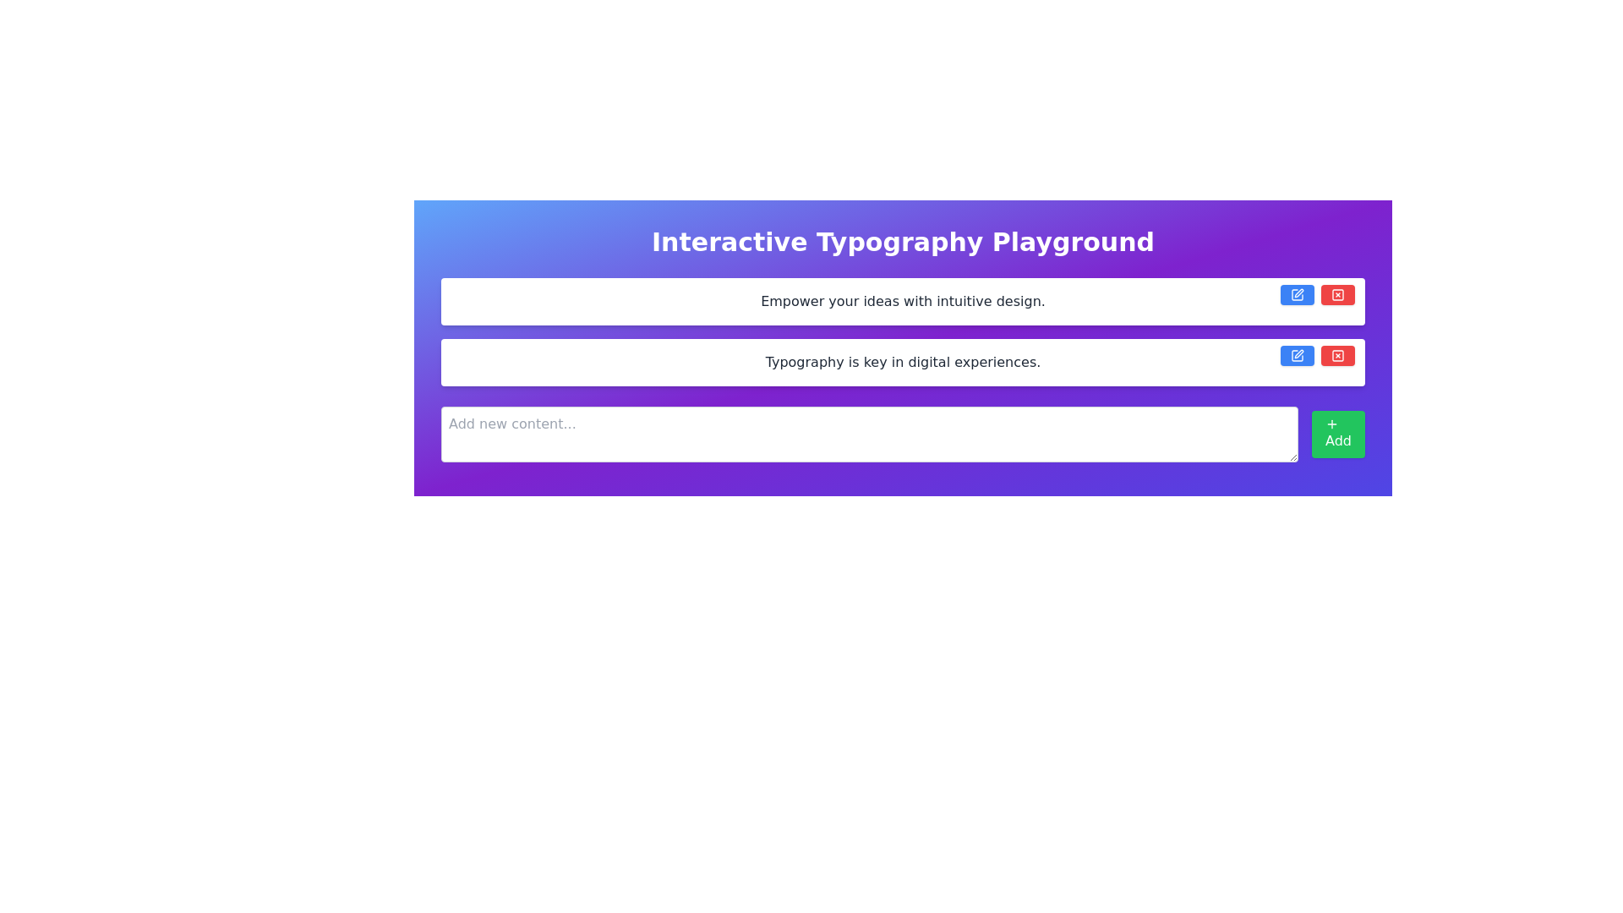  I want to click on the informational static text label located at the top center of the interface within the first white card, which is highlighted against a purple gradient background, so click(902, 301).